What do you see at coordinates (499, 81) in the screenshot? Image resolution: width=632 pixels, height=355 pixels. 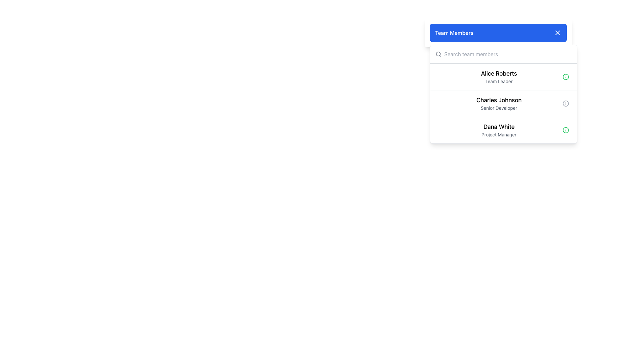 I see `text label displaying the role 'Team Leader' associated with the name 'Alice Roberts' in the team directory` at bounding box center [499, 81].